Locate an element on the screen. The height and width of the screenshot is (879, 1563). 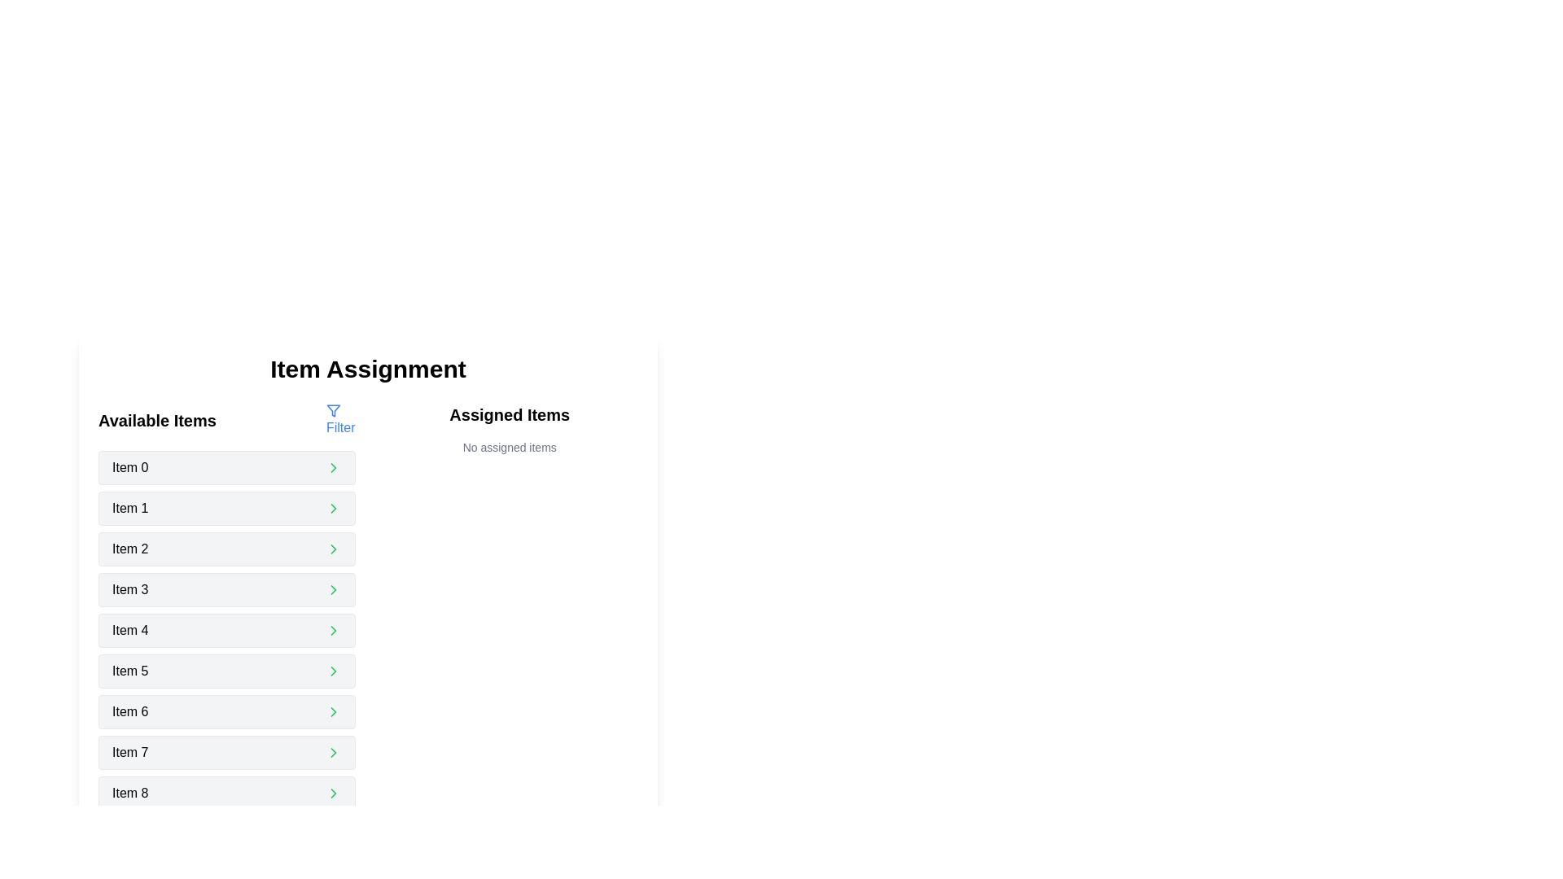
the right-pointing chevron icon located at the rightmost position of the list item labeled 'Item 1' is located at coordinates (332, 507).